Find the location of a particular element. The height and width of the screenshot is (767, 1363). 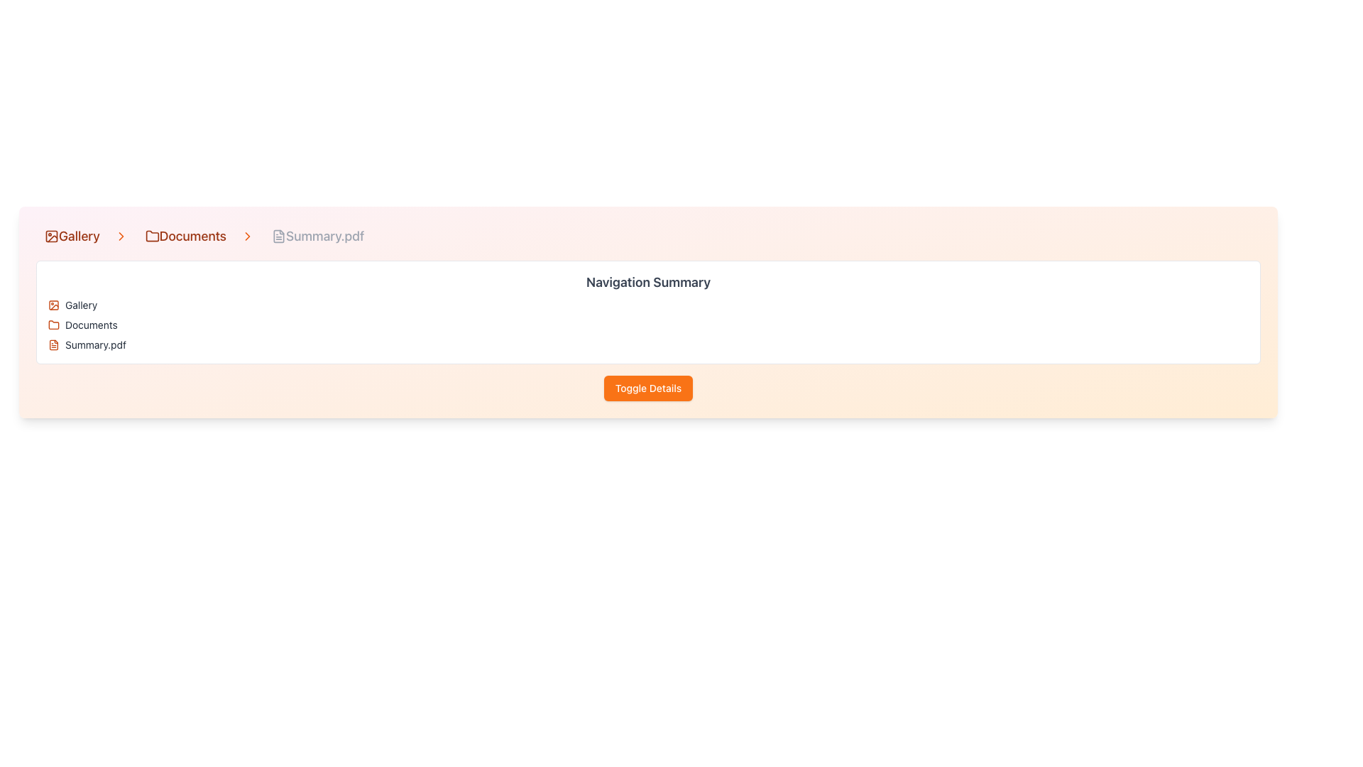

the orange chevron arrow icon pointing to the right, which is located in the breadcrumb navigation after the 'Documents' folder name is located at coordinates (248, 235).